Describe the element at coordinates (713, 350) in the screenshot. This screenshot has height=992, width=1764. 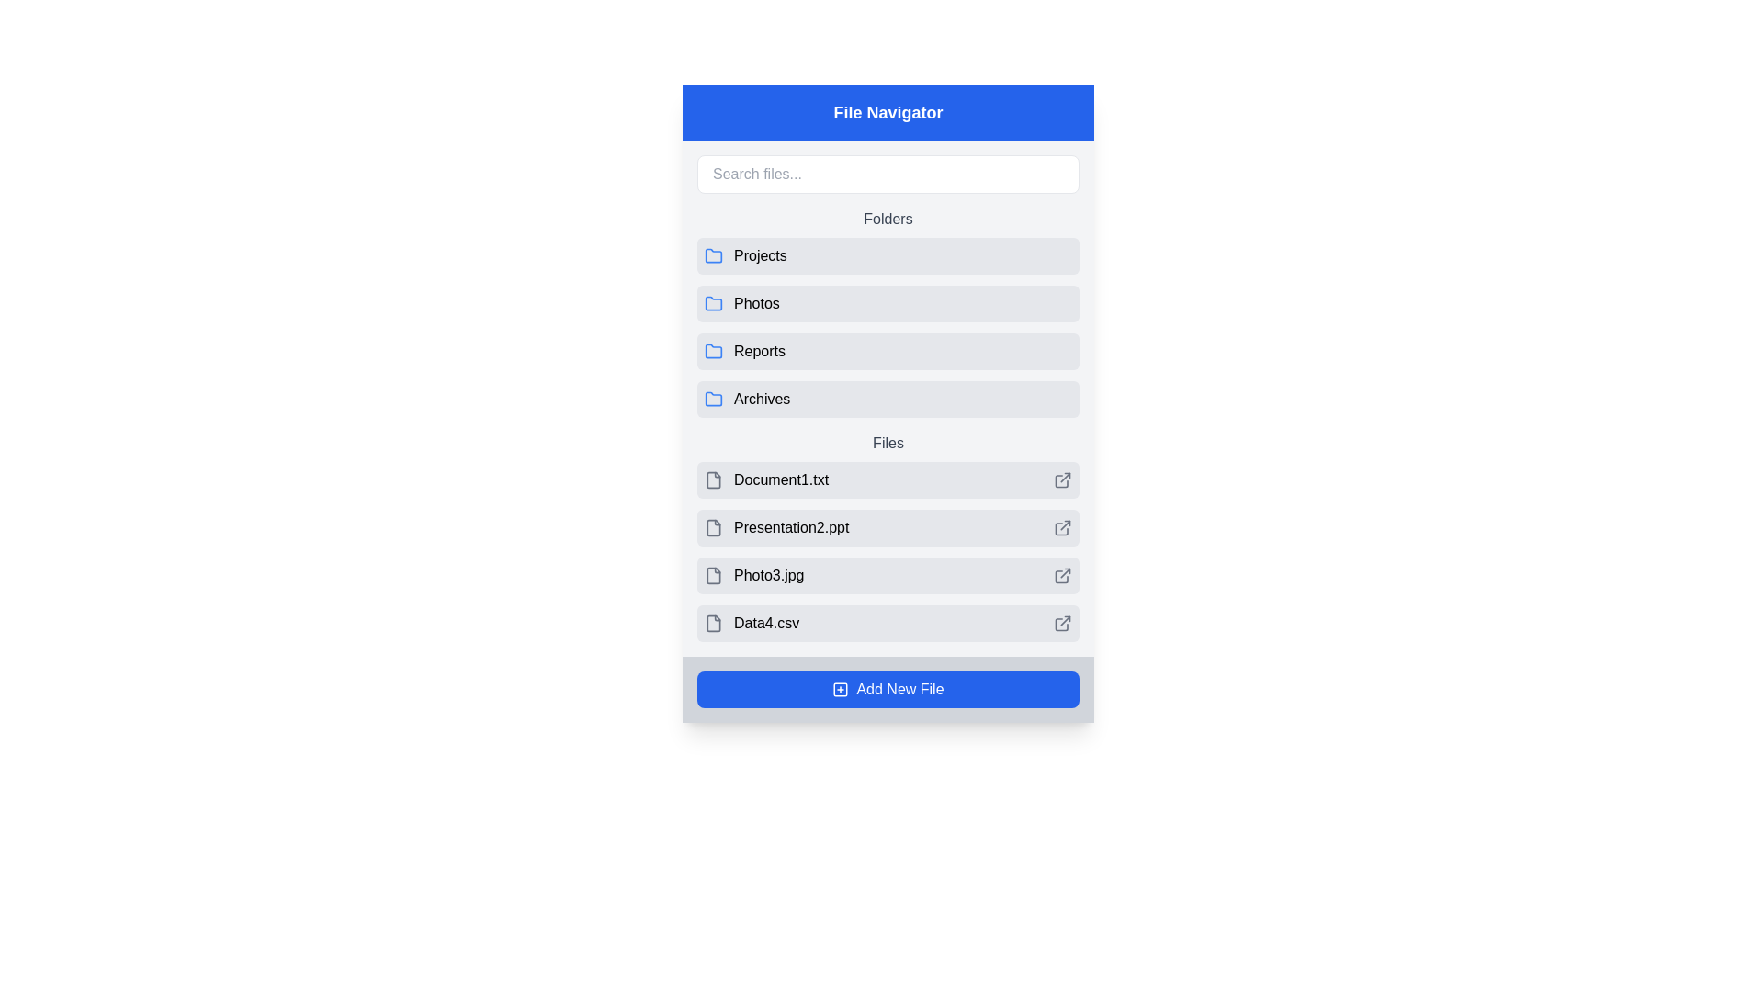
I see `the folder icon representing the 'Reports' category` at that location.